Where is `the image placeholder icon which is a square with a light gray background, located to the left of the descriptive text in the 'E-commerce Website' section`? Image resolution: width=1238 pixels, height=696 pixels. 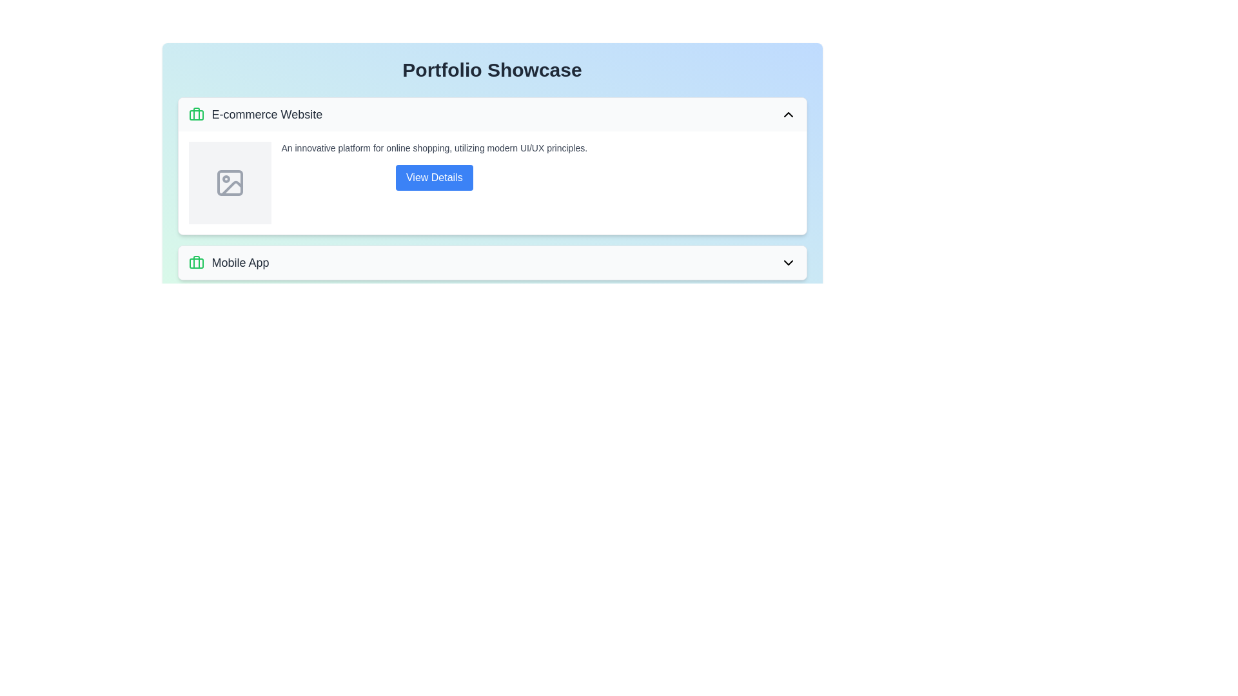
the image placeholder icon which is a square with a light gray background, located to the left of the descriptive text in the 'E-commerce Website' section is located at coordinates (230, 183).